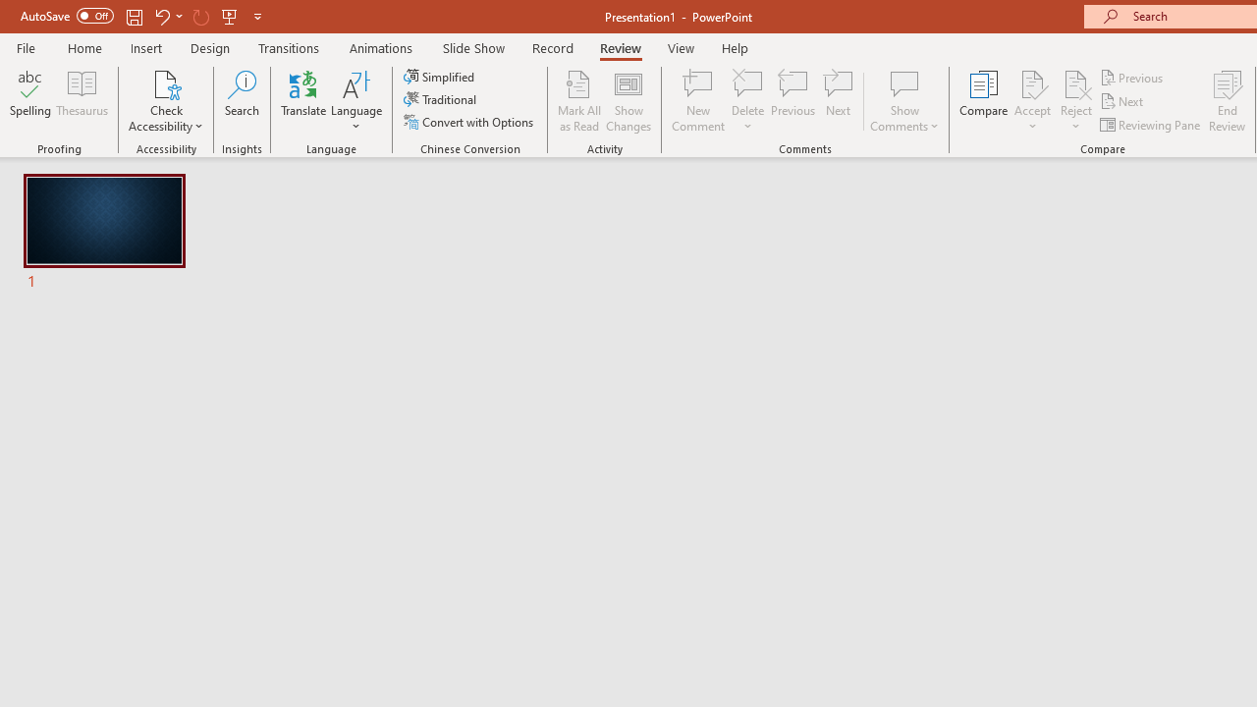 The height and width of the screenshot is (707, 1257). I want to click on 'Reject Change', so click(1075, 82).